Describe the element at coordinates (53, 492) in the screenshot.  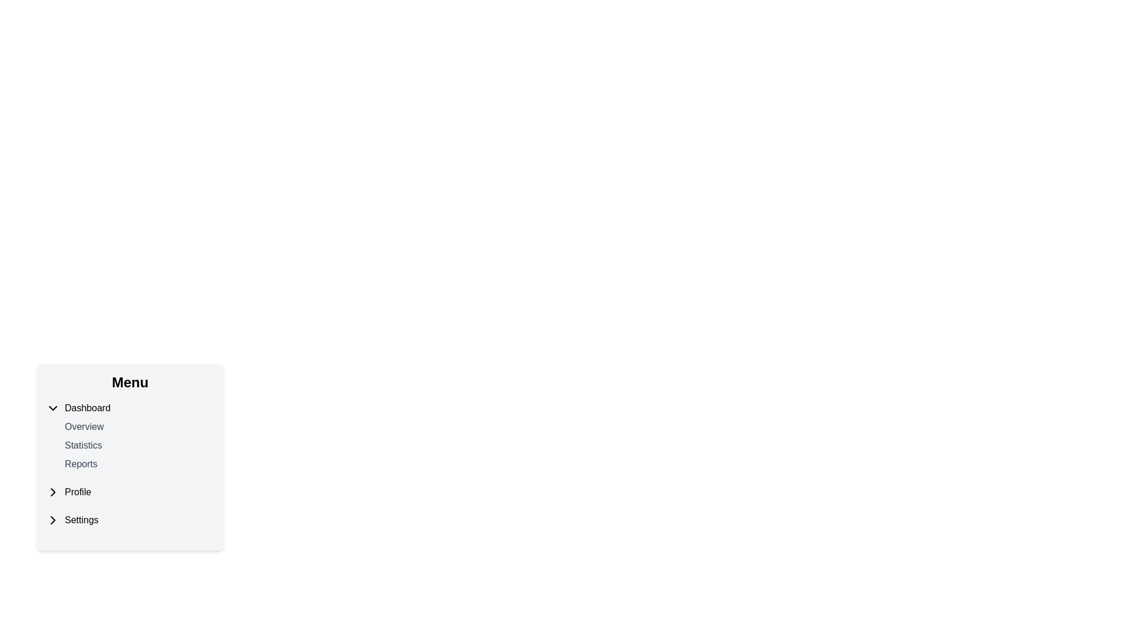
I see `the chevron icon located to the left of the 'Profile' text in the sidebar menu` at that location.